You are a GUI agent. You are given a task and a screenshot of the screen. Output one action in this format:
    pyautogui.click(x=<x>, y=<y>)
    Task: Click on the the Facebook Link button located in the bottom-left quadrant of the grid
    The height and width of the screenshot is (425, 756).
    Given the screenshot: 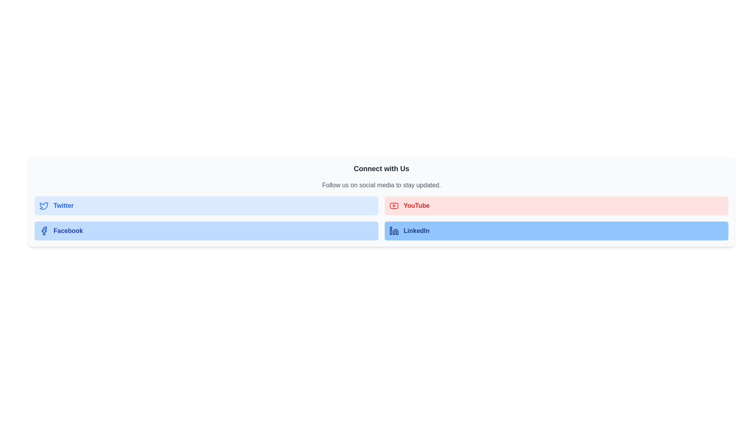 What is the action you would take?
    pyautogui.click(x=206, y=230)
    